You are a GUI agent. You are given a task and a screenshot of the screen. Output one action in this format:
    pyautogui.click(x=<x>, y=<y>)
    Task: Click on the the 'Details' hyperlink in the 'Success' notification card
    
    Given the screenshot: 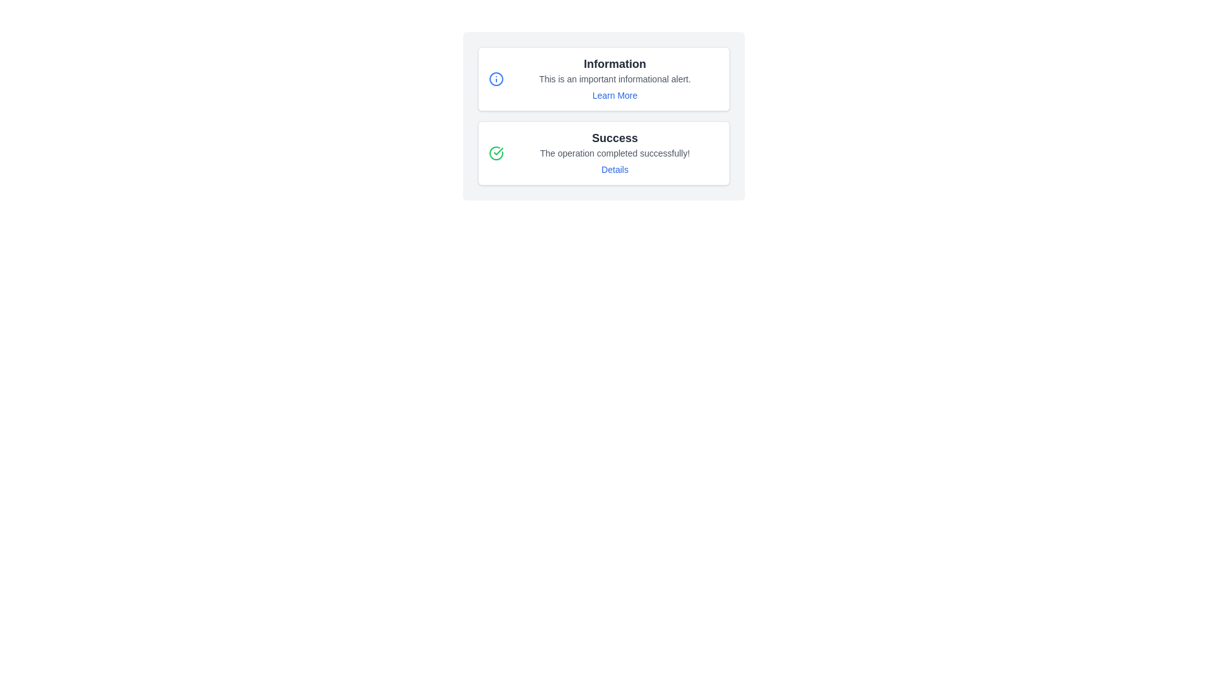 What is the action you would take?
    pyautogui.click(x=615, y=170)
    